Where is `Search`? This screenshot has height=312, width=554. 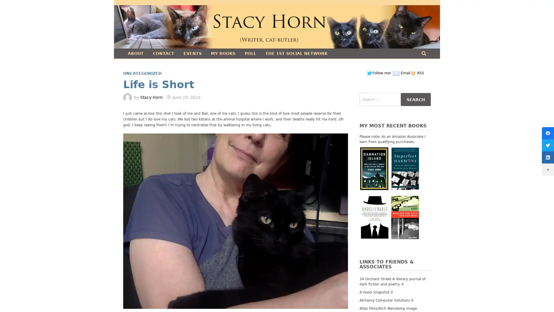 Search is located at coordinates (415, 99).